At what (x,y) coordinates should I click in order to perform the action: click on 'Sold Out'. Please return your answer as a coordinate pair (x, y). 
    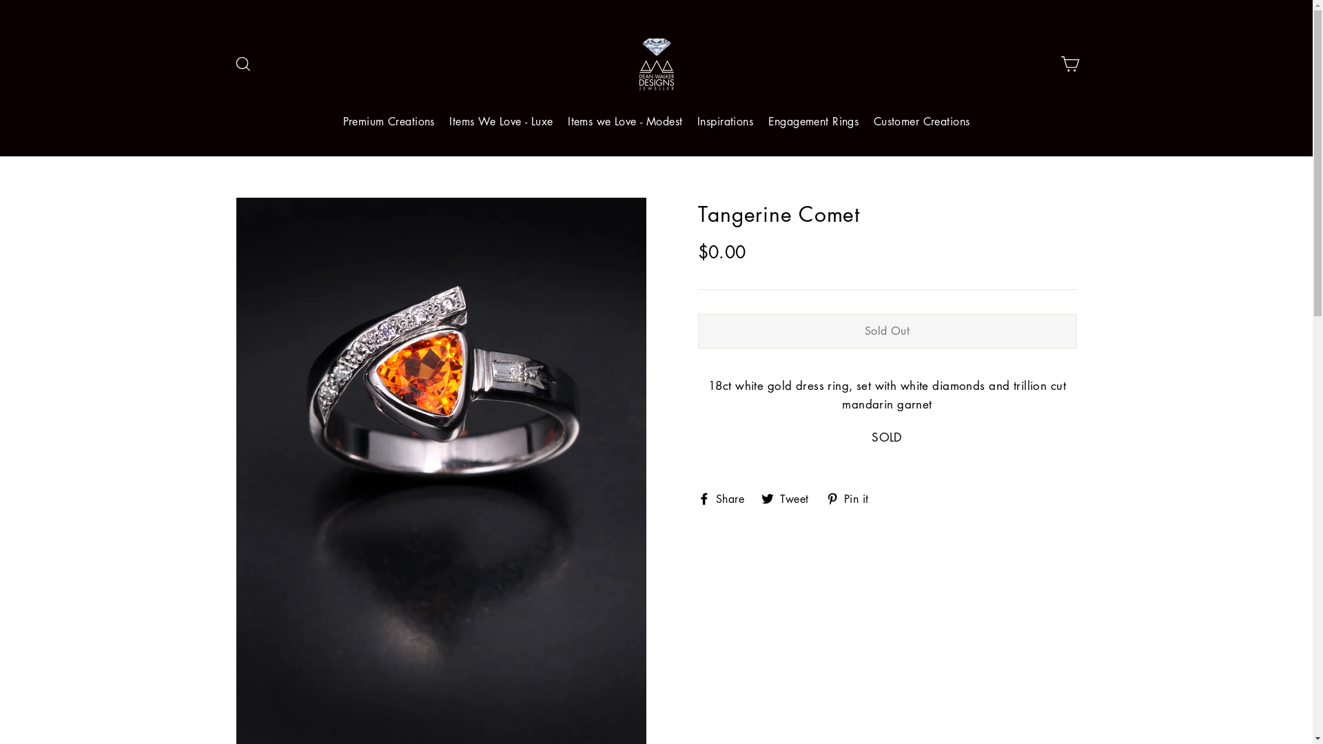
    Looking at the image, I should click on (886, 331).